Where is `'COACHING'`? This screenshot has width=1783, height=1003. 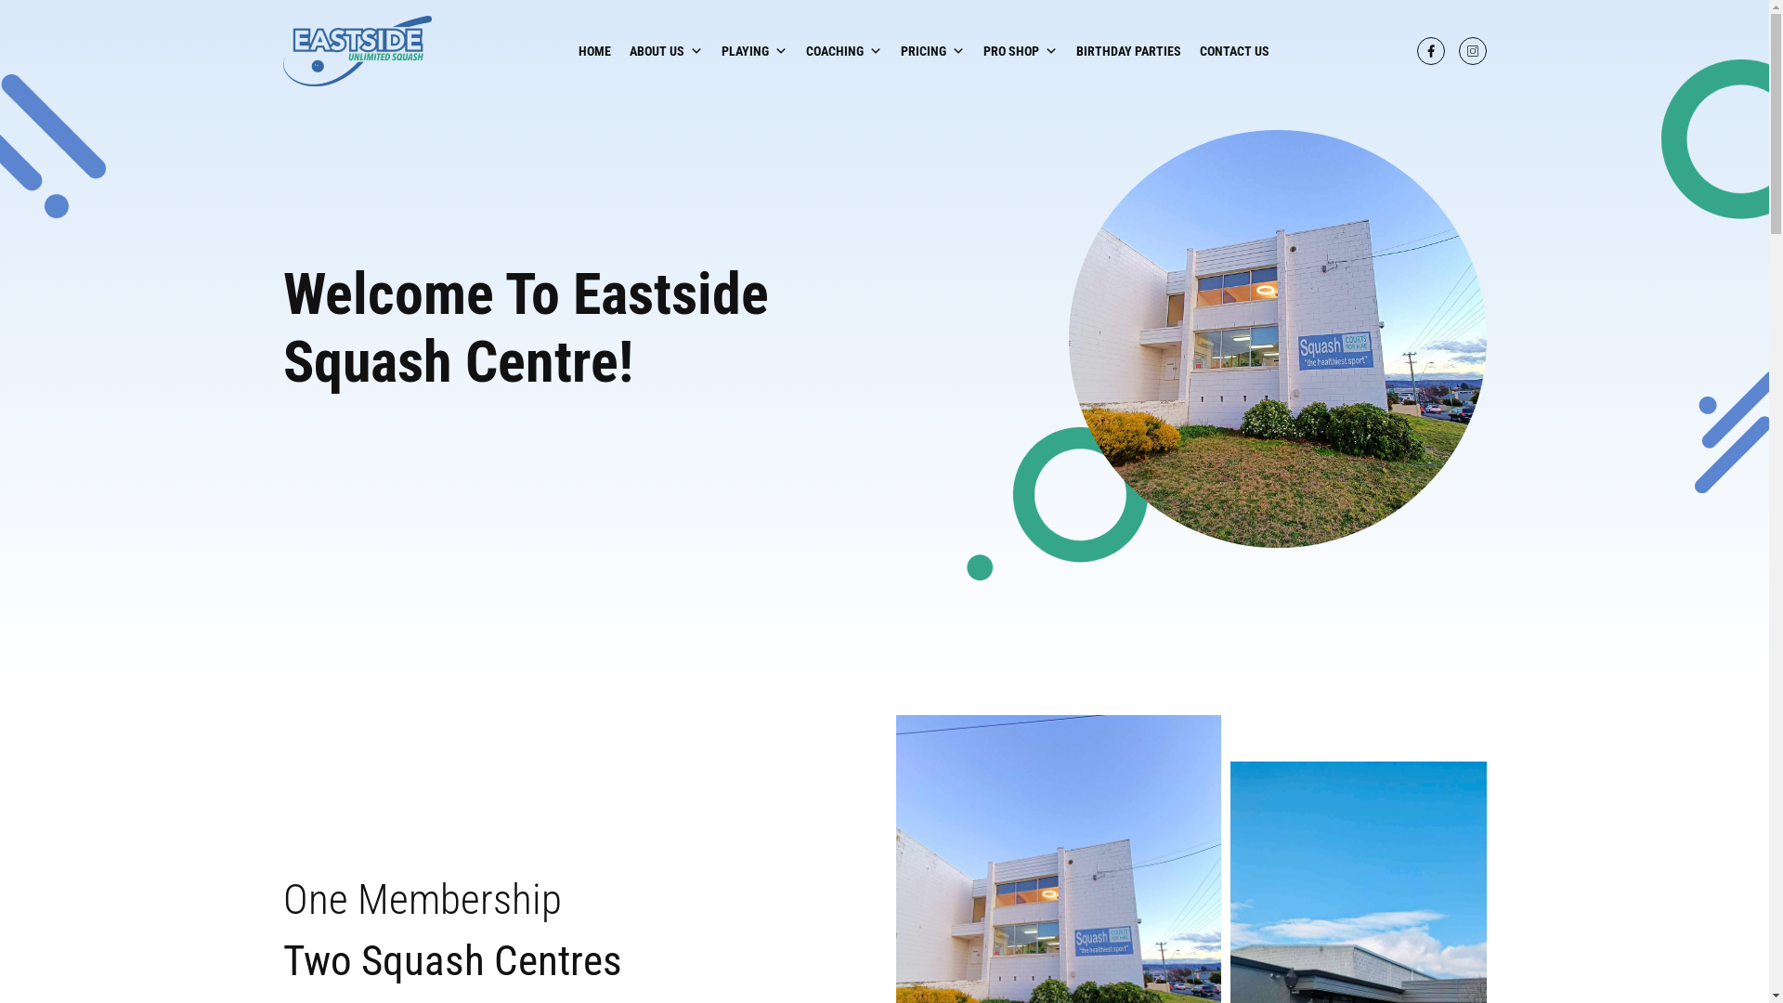 'COACHING' is located at coordinates (842, 49).